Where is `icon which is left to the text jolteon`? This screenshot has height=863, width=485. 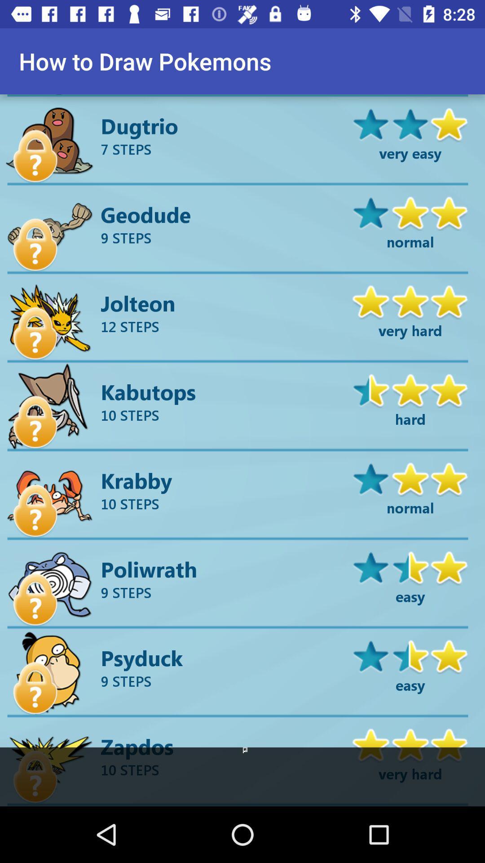 icon which is left to the text jolteon is located at coordinates (50, 319).